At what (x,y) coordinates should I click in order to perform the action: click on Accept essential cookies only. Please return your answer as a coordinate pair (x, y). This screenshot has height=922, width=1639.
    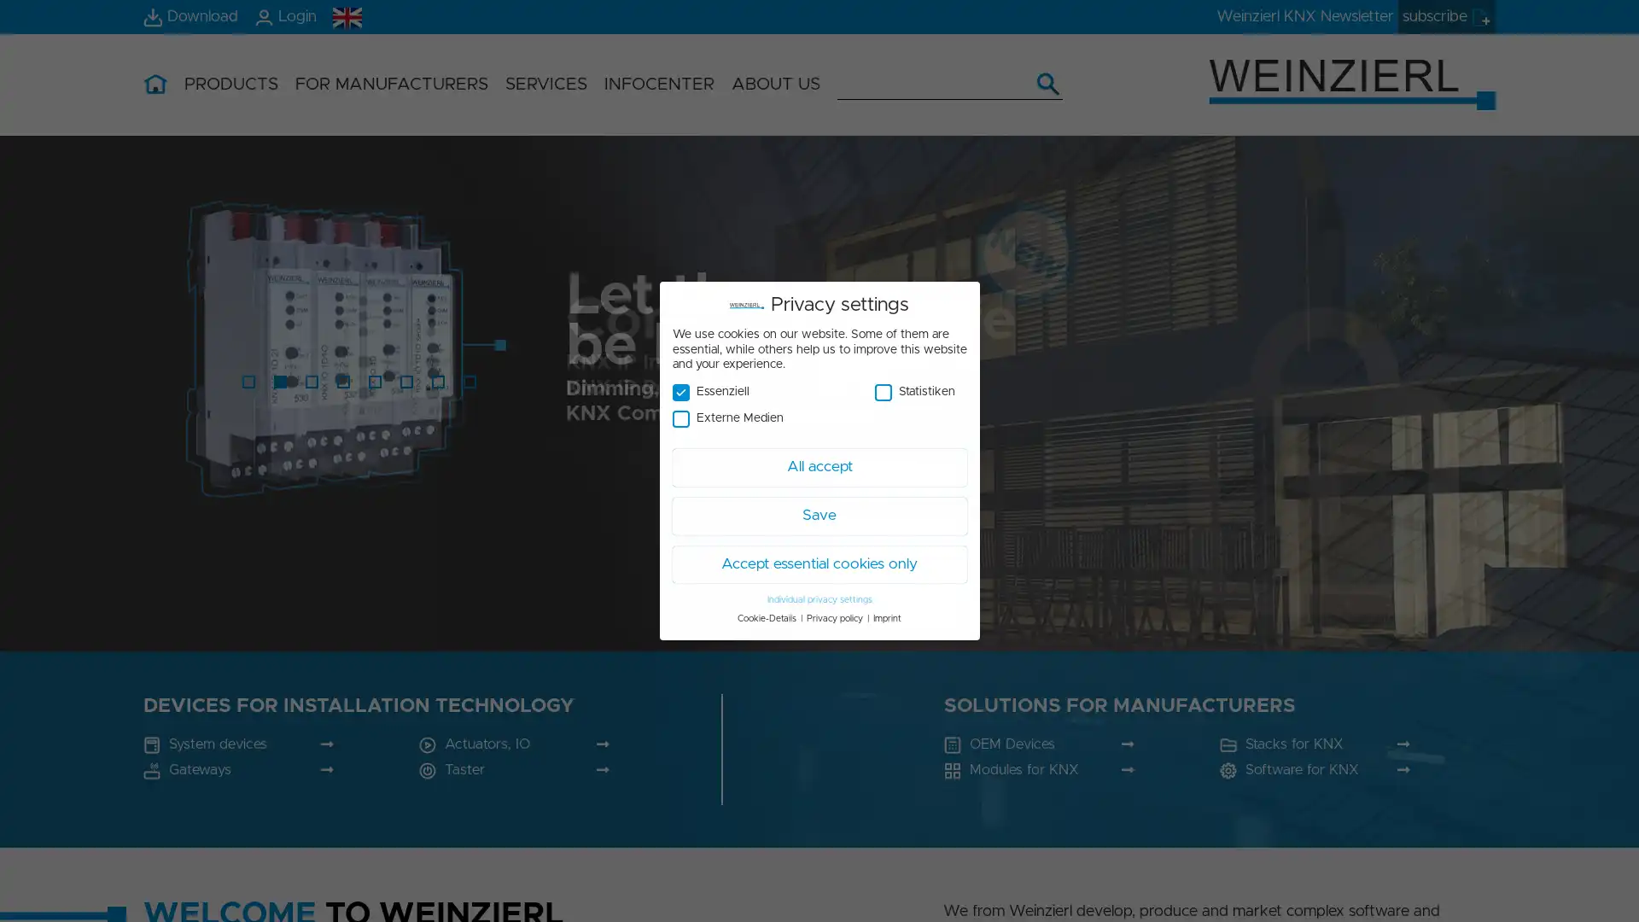
    Looking at the image, I should click on (818, 563).